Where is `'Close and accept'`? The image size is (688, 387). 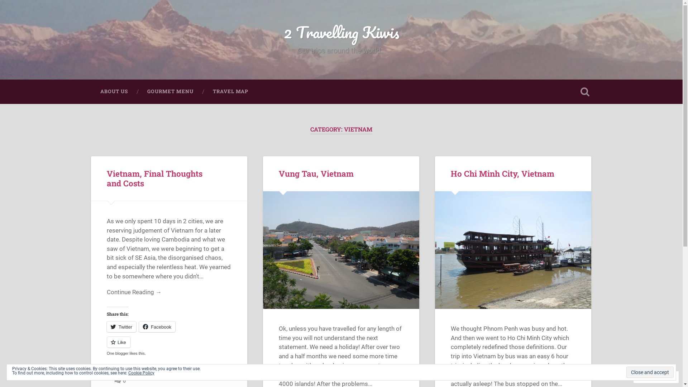 'Close and accept' is located at coordinates (650, 372).